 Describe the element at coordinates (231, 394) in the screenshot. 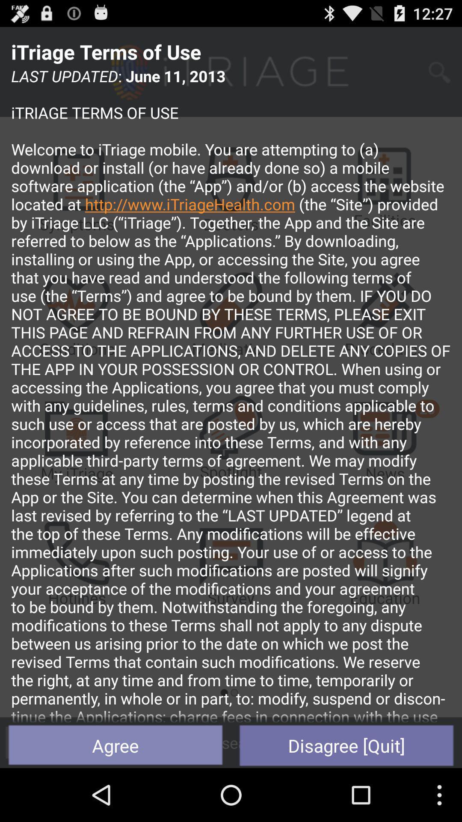

I see `the icon above agree button` at that location.